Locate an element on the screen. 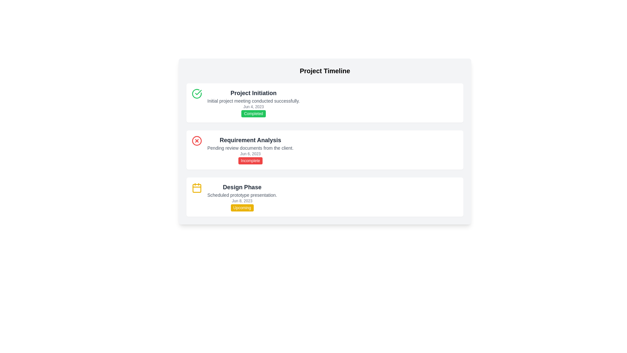 This screenshot has width=627, height=353. the yellow square with rounded corners located within the third calendar icon in the vertical timeline list is located at coordinates (197, 188).